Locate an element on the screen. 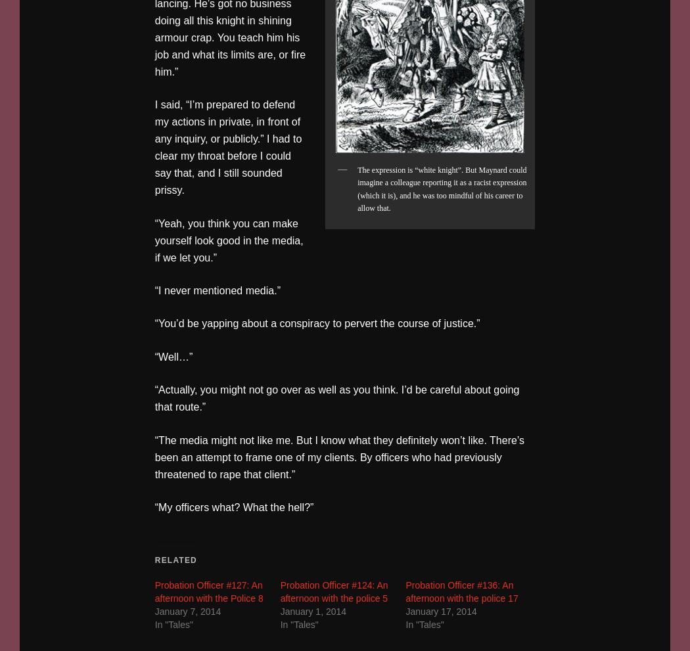  'Related' is located at coordinates (175, 559).